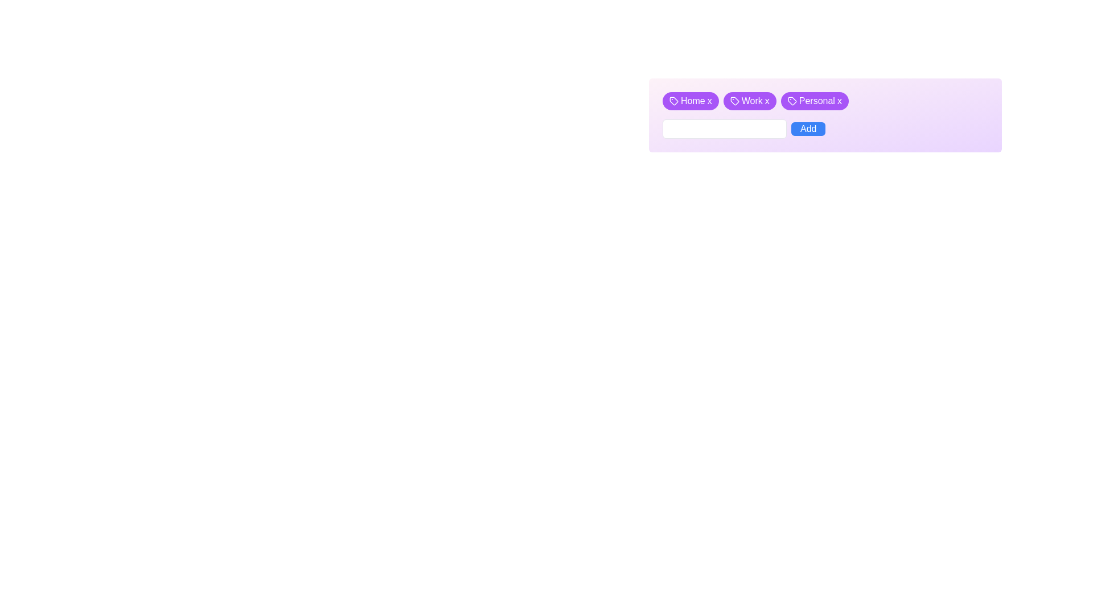  What do you see at coordinates (808, 128) in the screenshot?
I see `the 'Add' button, which is a rectangular button with rounded edges, styled in blue with white text, located at the far-right side of a horizontal section` at bounding box center [808, 128].